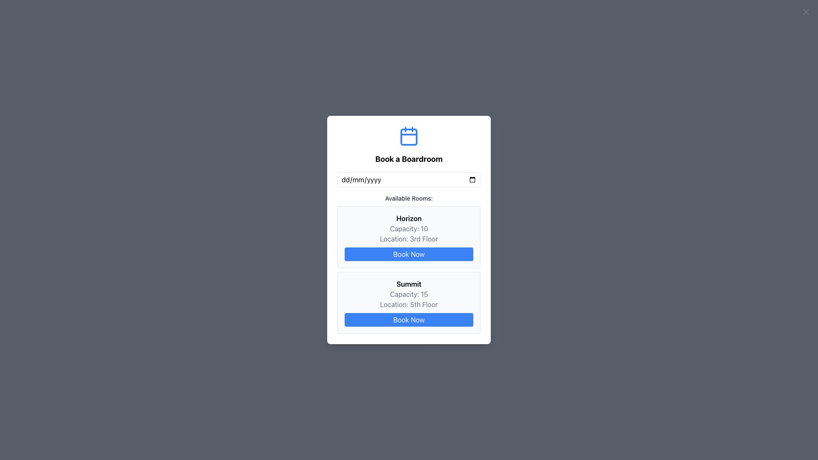  I want to click on the prominent text label indicating the purpose of the booking section, which is located below the calendar icon and above the date input field, so click(409, 159).